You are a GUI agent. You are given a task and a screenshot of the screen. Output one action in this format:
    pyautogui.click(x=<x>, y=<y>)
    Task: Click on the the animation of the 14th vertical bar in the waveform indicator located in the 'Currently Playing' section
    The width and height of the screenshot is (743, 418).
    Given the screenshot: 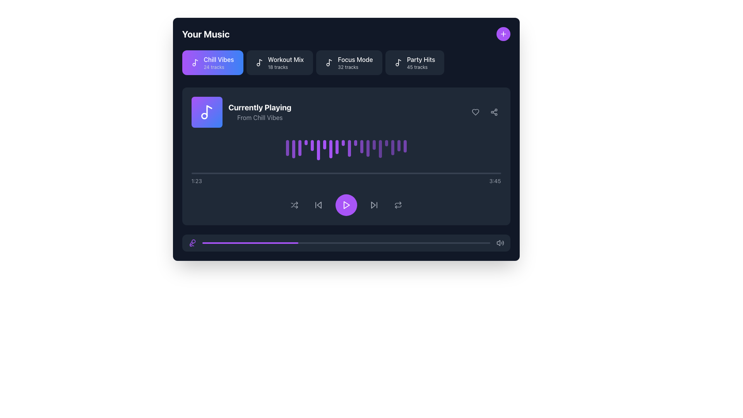 What is the action you would take?
    pyautogui.click(x=367, y=148)
    